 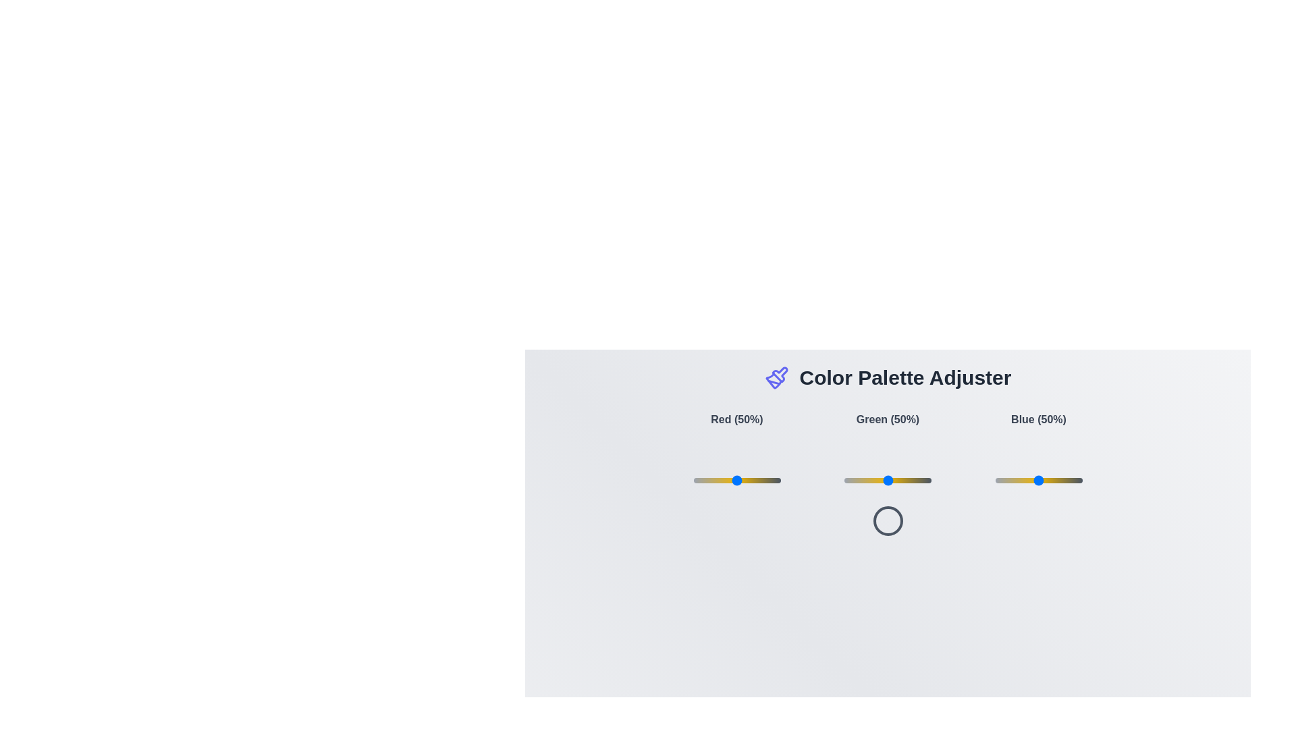 What do you see at coordinates (884, 480) in the screenshot?
I see `the green slider to 45%` at bounding box center [884, 480].